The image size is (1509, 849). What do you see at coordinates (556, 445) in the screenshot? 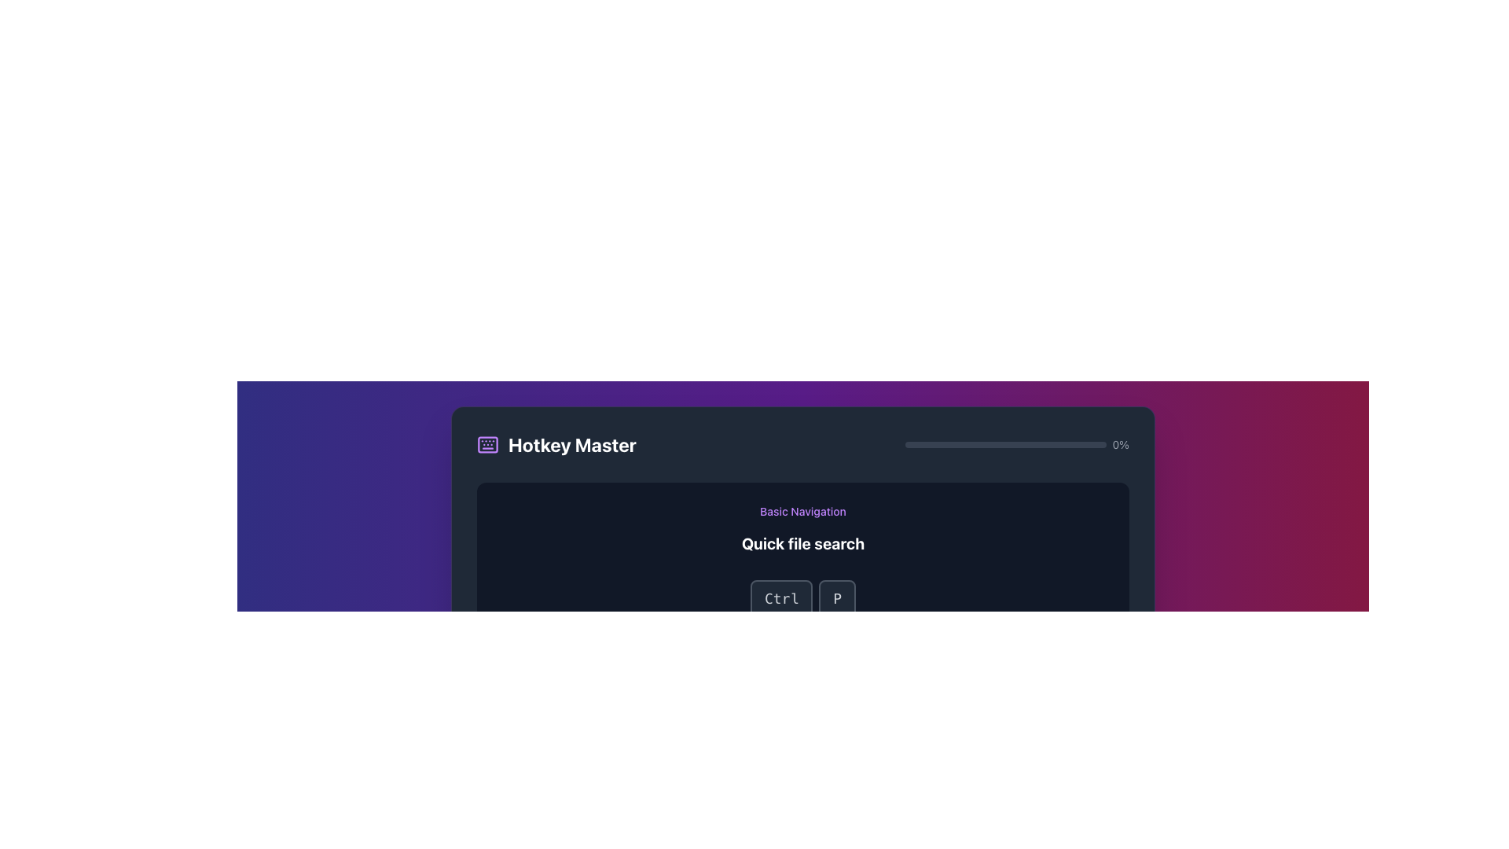
I see `the purple keyboard icon followed by the text 'Hotkey Master' in bold white font, located on the left side of the header section` at bounding box center [556, 445].